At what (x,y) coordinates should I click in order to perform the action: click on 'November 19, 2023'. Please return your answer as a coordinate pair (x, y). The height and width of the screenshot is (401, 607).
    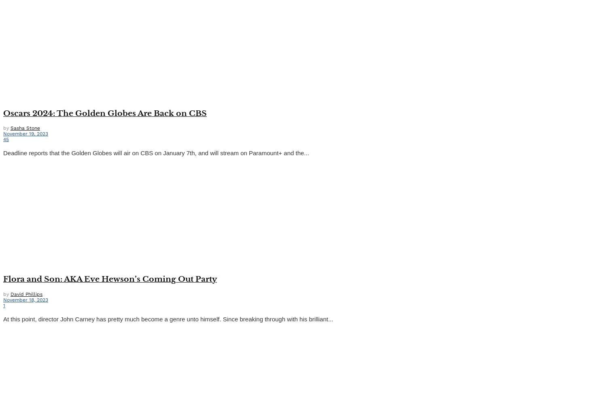
    Looking at the image, I should click on (25, 133).